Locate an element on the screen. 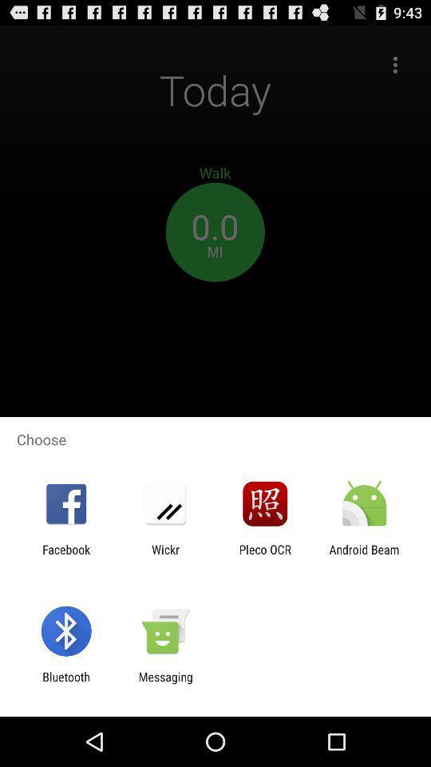 The image size is (431, 767). item to the right of the wickr item is located at coordinates (265, 556).